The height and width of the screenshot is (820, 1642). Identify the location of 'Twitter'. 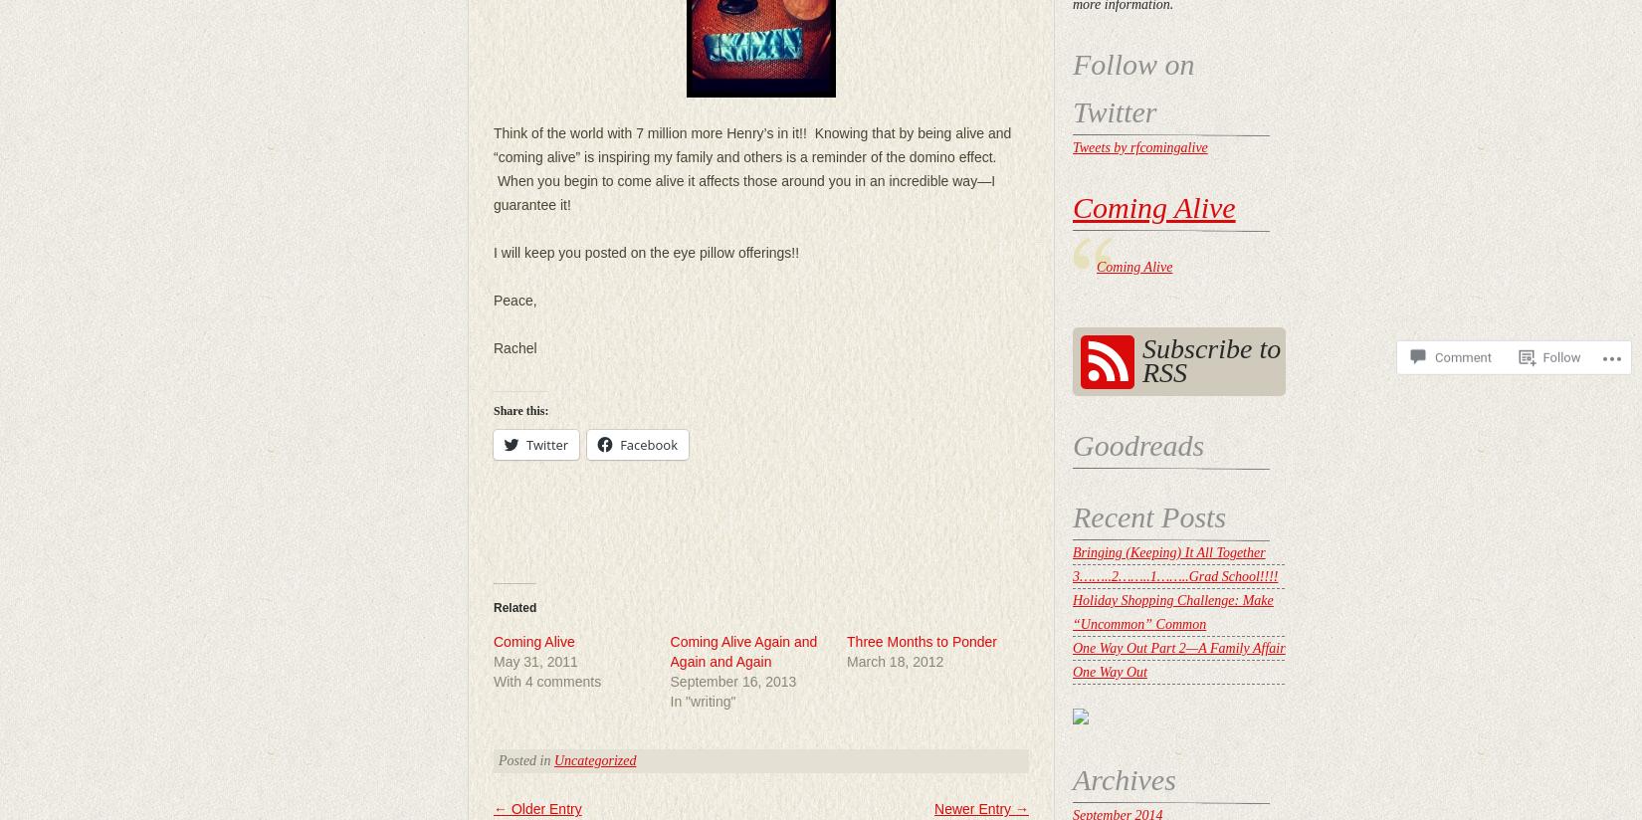
(545, 445).